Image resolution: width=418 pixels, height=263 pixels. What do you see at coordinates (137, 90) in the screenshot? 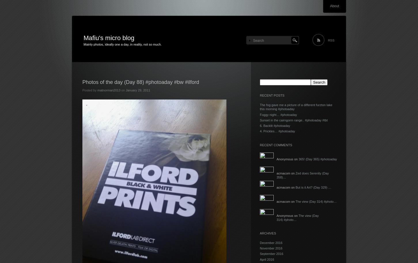
I see `'January 29, 2011'` at bounding box center [137, 90].